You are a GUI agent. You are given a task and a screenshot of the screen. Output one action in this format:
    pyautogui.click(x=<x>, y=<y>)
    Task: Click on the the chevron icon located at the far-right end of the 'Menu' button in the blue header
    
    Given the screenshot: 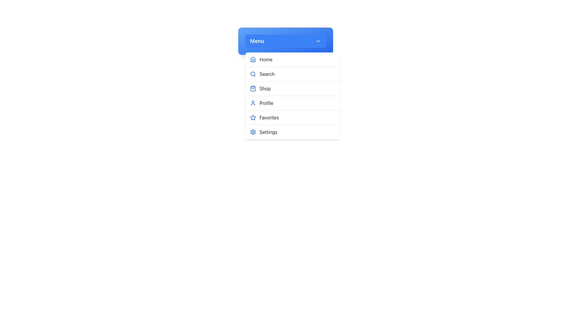 What is the action you would take?
    pyautogui.click(x=318, y=41)
    